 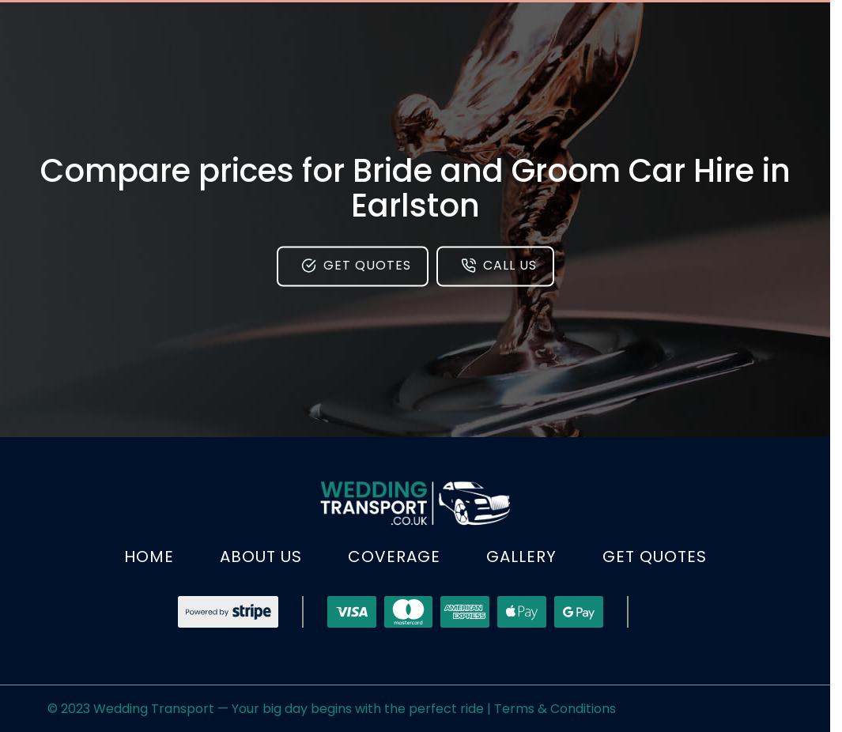 What do you see at coordinates (392, 556) in the screenshot?
I see `'Coverage'` at bounding box center [392, 556].